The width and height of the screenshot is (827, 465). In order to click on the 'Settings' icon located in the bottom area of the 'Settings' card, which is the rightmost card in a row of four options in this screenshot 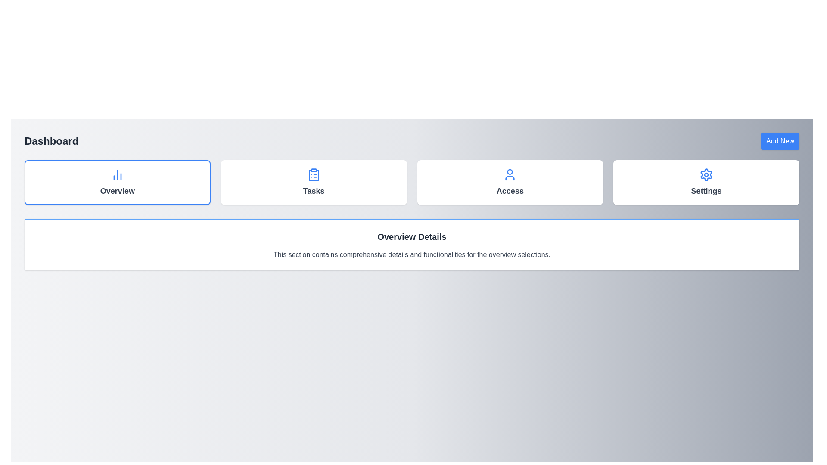, I will do `click(706, 174)`.